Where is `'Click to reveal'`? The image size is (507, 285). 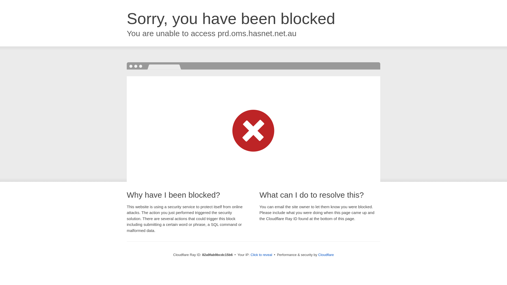
'Click to reveal' is located at coordinates (250, 254).